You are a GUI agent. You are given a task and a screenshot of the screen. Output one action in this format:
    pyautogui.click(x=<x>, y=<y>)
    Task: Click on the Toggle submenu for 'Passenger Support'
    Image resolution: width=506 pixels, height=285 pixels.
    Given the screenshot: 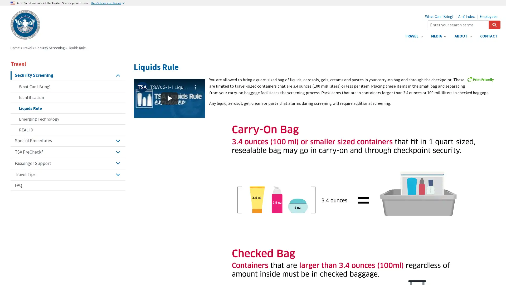 What is the action you would take?
    pyautogui.click(x=118, y=163)
    